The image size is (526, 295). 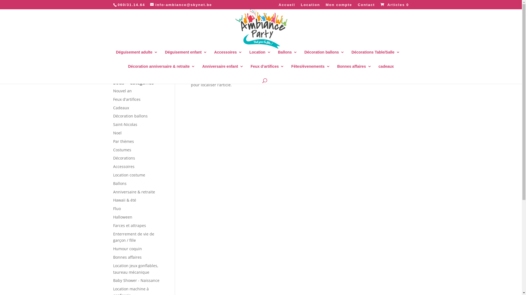 I want to click on 'Baby Shower - Naissance', so click(x=113, y=280).